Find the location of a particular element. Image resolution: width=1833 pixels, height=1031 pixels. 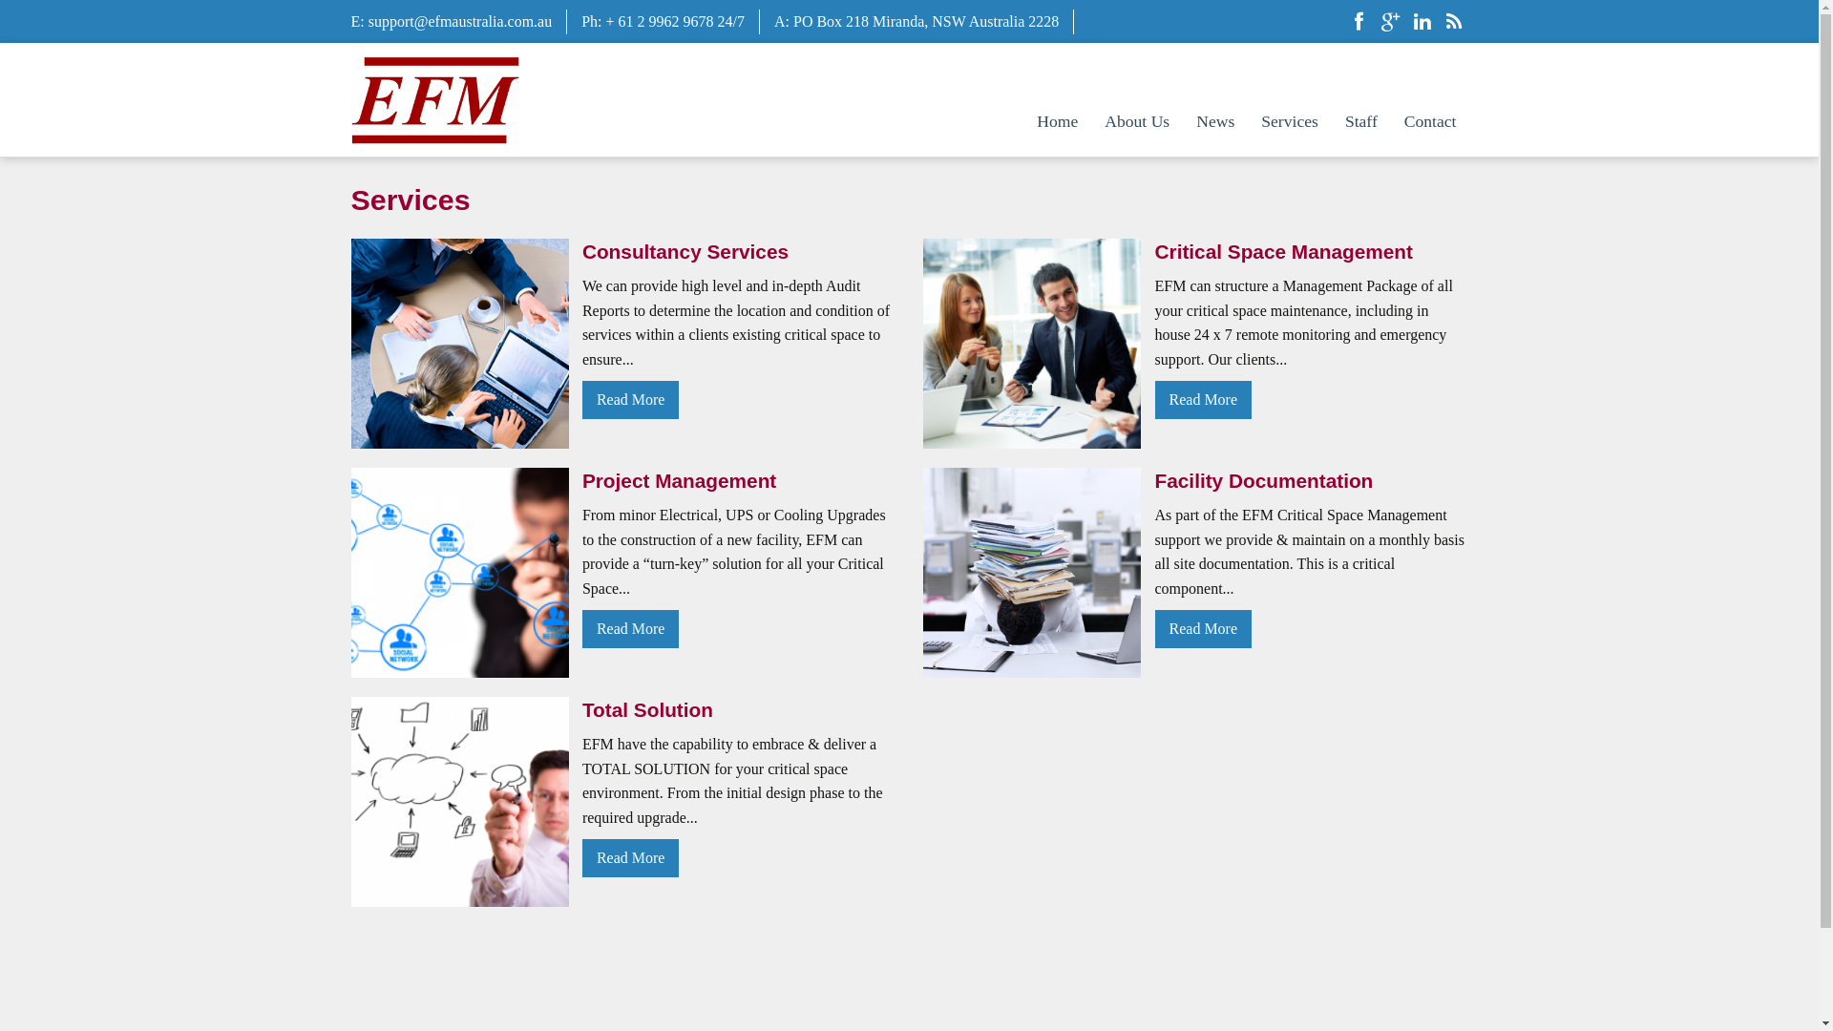

'E: support@efmaustralia.com.au' is located at coordinates (451, 21).